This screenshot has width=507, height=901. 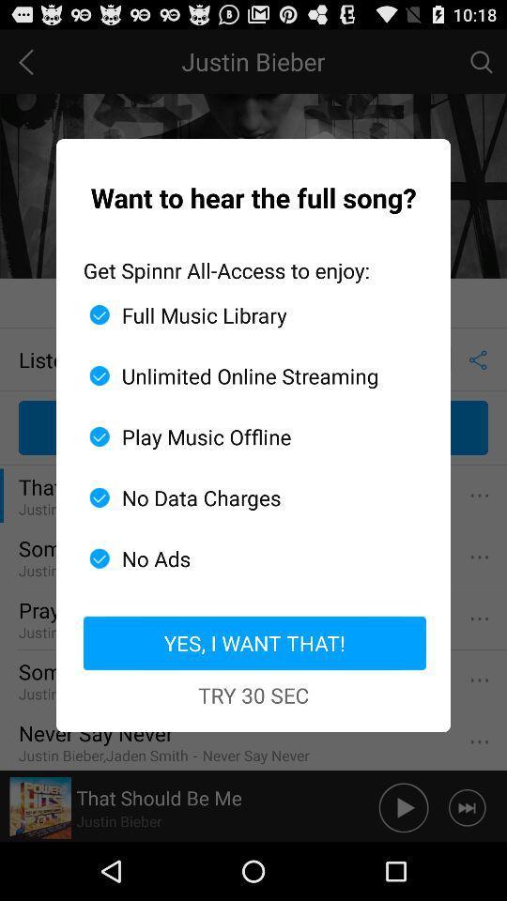 I want to click on icon above the no ads item, so click(x=246, y=496).